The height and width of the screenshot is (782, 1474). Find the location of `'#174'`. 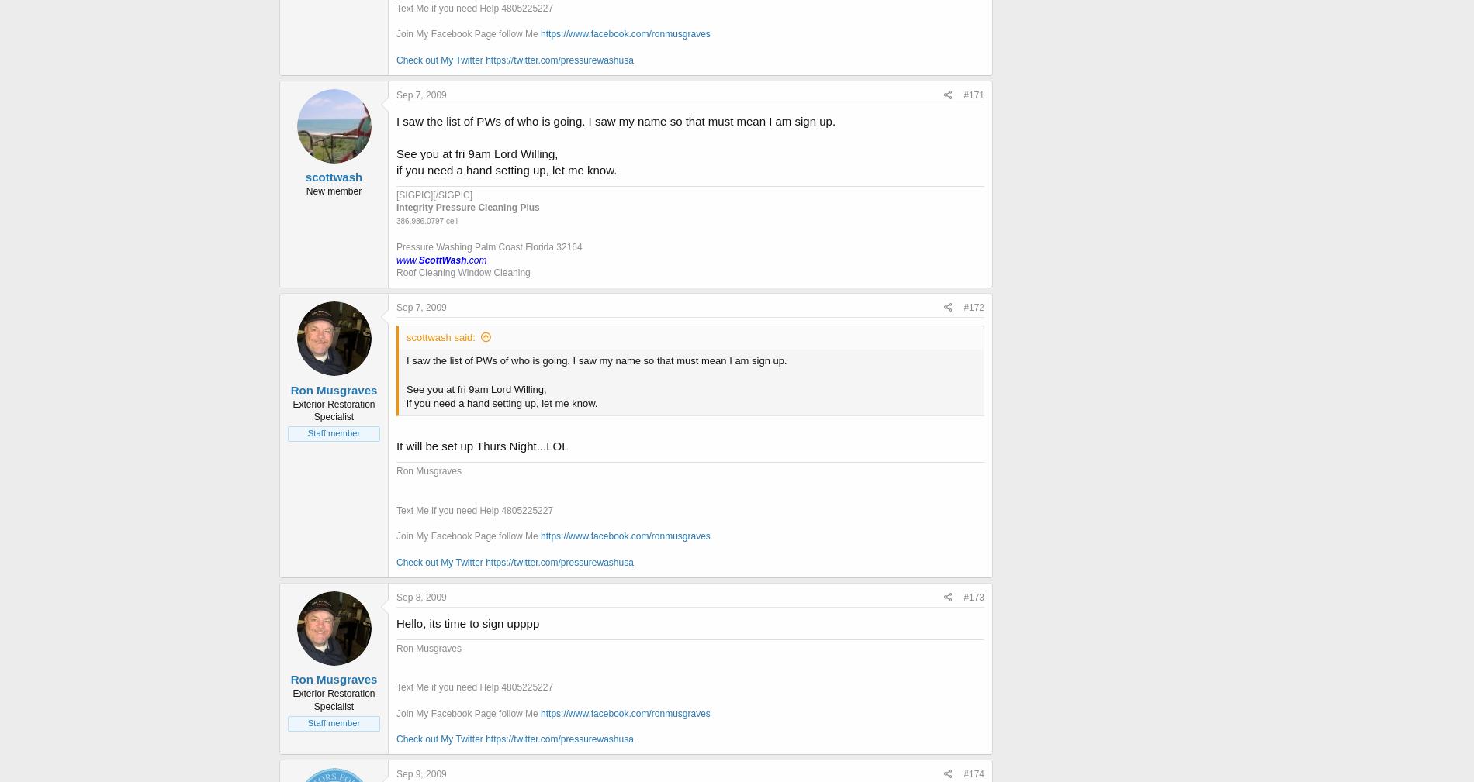

'#174' is located at coordinates (973, 773).